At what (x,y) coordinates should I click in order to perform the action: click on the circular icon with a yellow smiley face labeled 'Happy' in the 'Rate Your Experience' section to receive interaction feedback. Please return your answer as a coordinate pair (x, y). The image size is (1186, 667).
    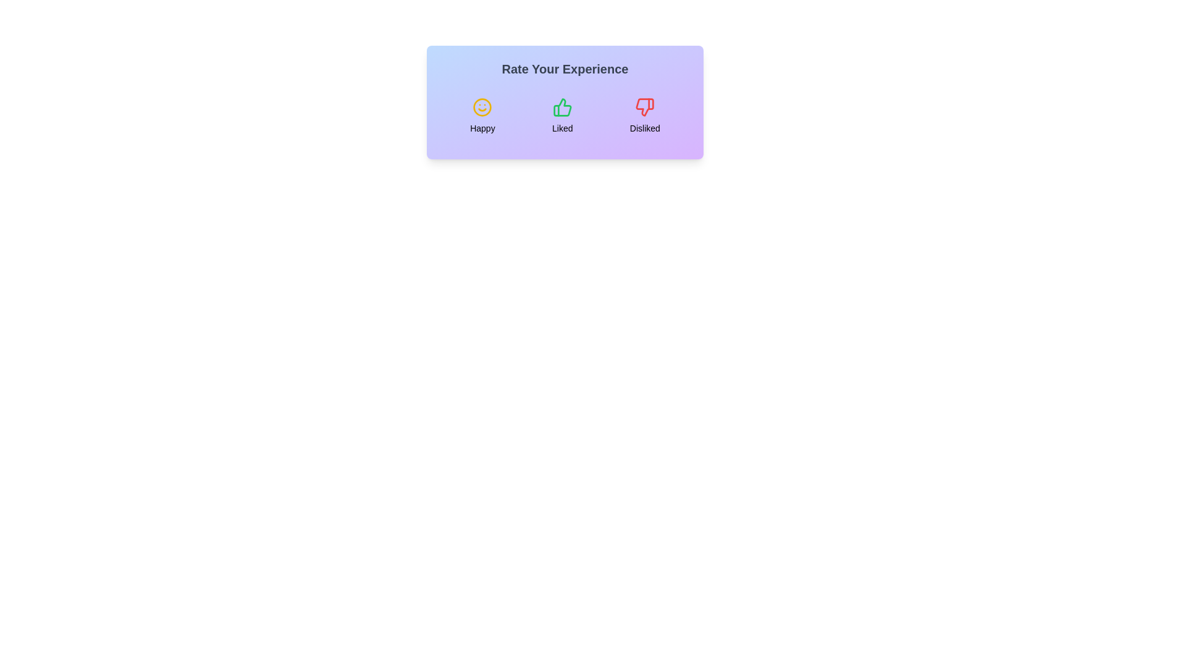
    Looking at the image, I should click on (482, 116).